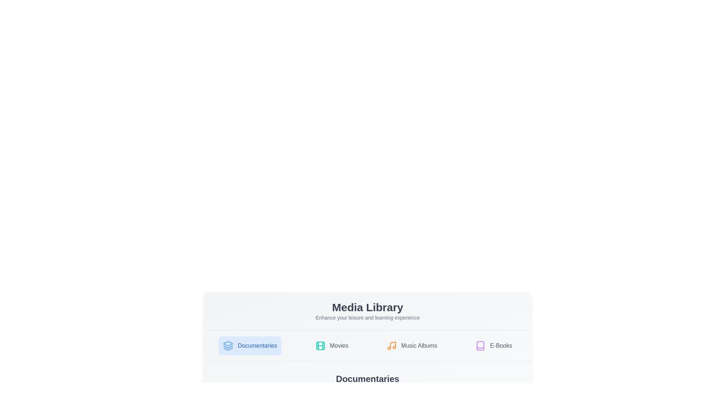 The image size is (701, 394). I want to click on the tab corresponding to Movies to observe its visual feedback, so click(331, 345).